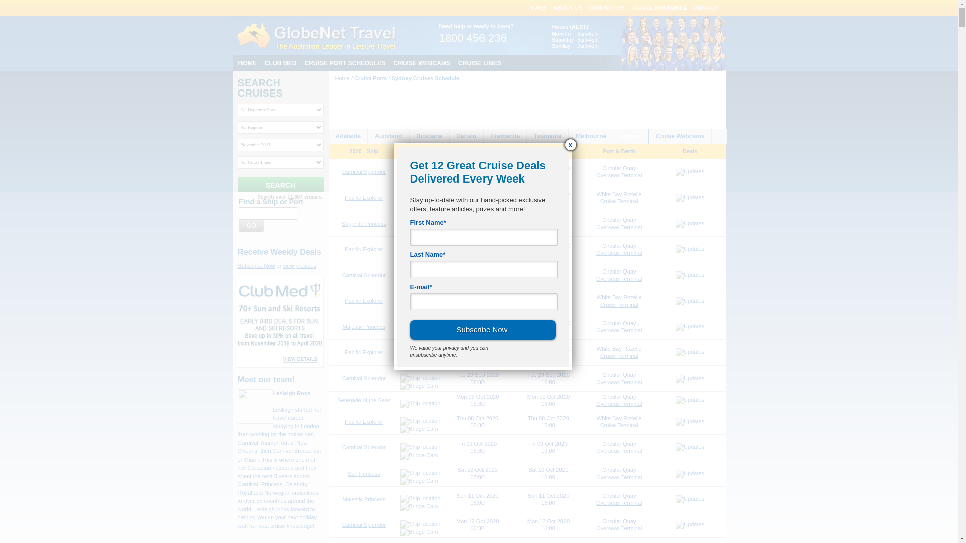 Image resolution: width=966 pixels, height=543 pixels. I want to click on 'Overseas Terminal', so click(618, 382).